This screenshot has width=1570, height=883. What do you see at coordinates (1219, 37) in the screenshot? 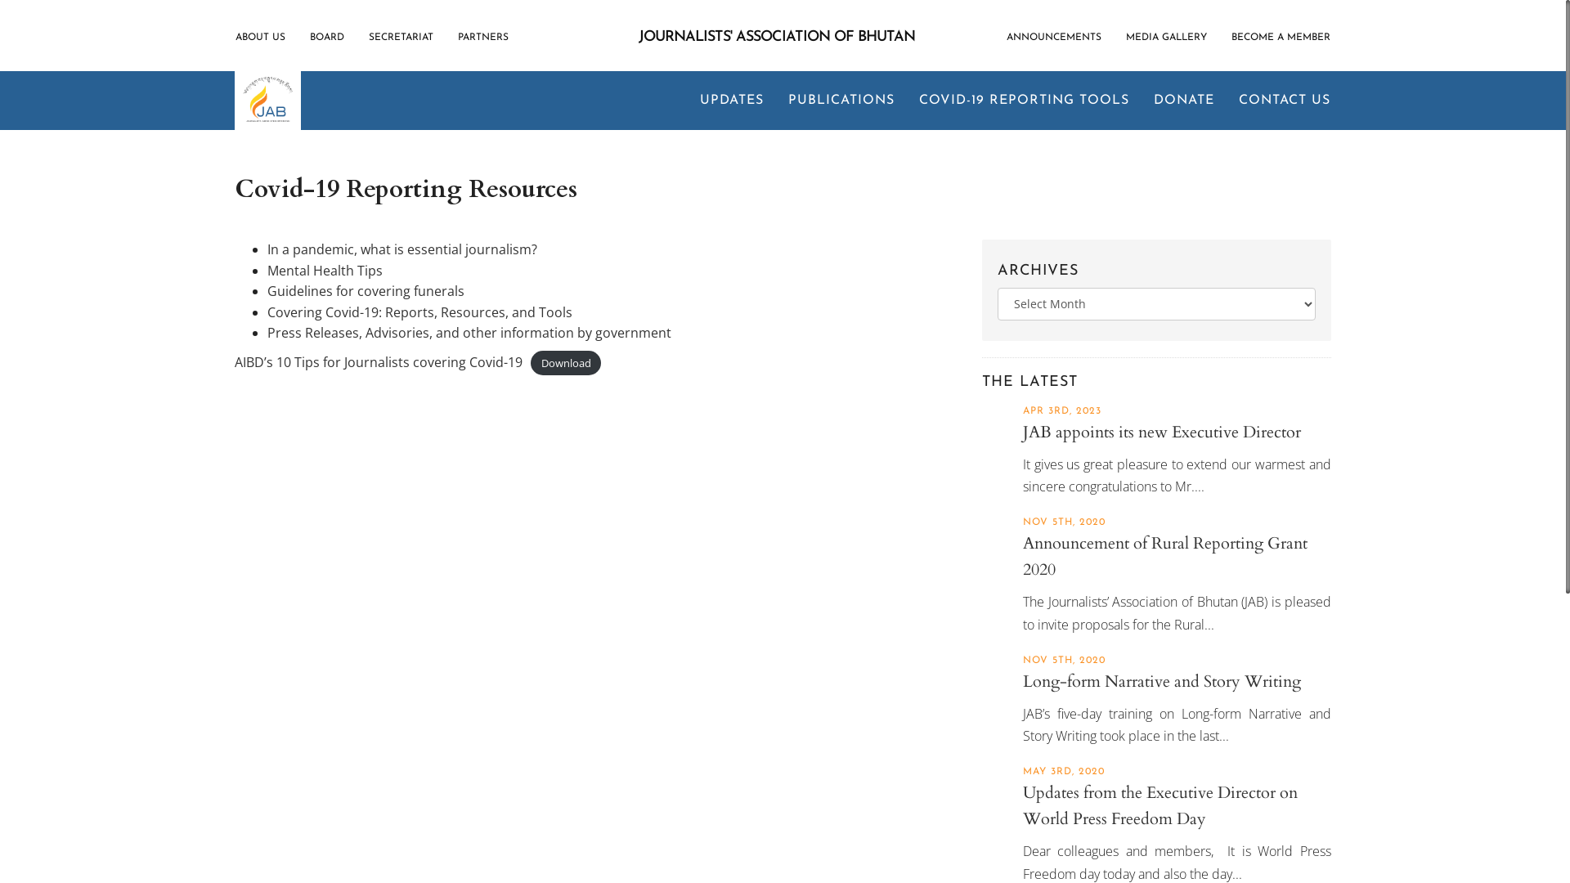
I see `'BECOME A MEMBER'` at bounding box center [1219, 37].